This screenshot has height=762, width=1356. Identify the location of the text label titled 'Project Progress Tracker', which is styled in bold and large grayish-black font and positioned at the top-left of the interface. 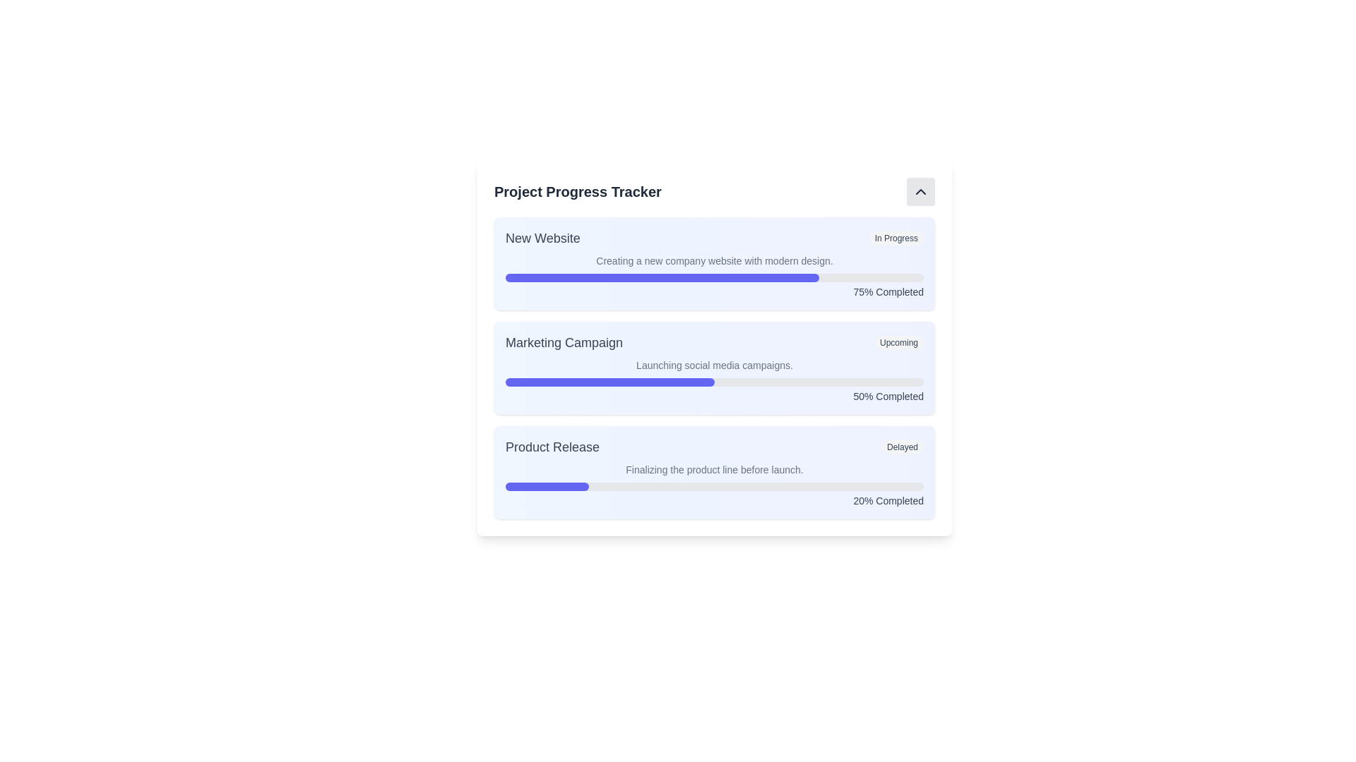
(578, 192).